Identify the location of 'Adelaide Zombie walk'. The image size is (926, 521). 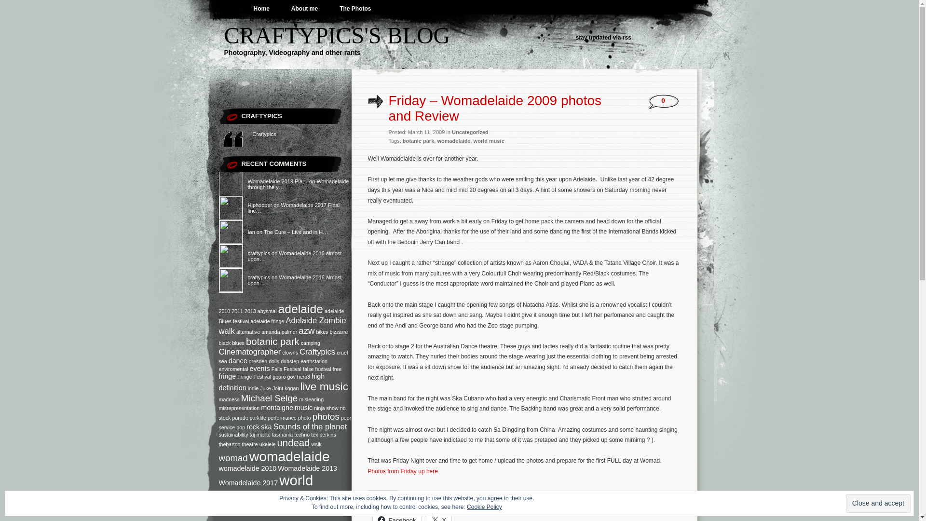
(282, 326).